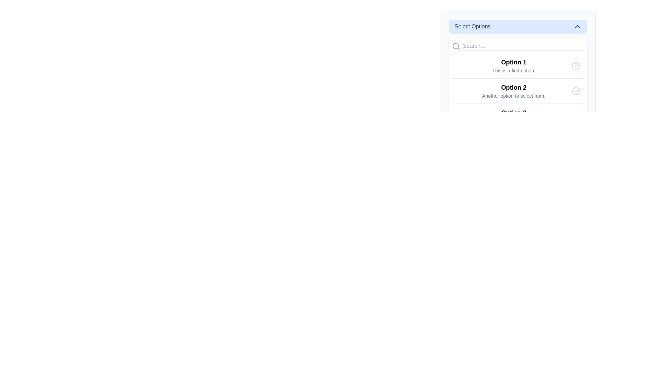 This screenshot has height=374, width=665. What do you see at coordinates (514, 96) in the screenshot?
I see `the gray Text label located directly beneath 'Option 2' in the sidebar panel to read its content` at bounding box center [514, 96].